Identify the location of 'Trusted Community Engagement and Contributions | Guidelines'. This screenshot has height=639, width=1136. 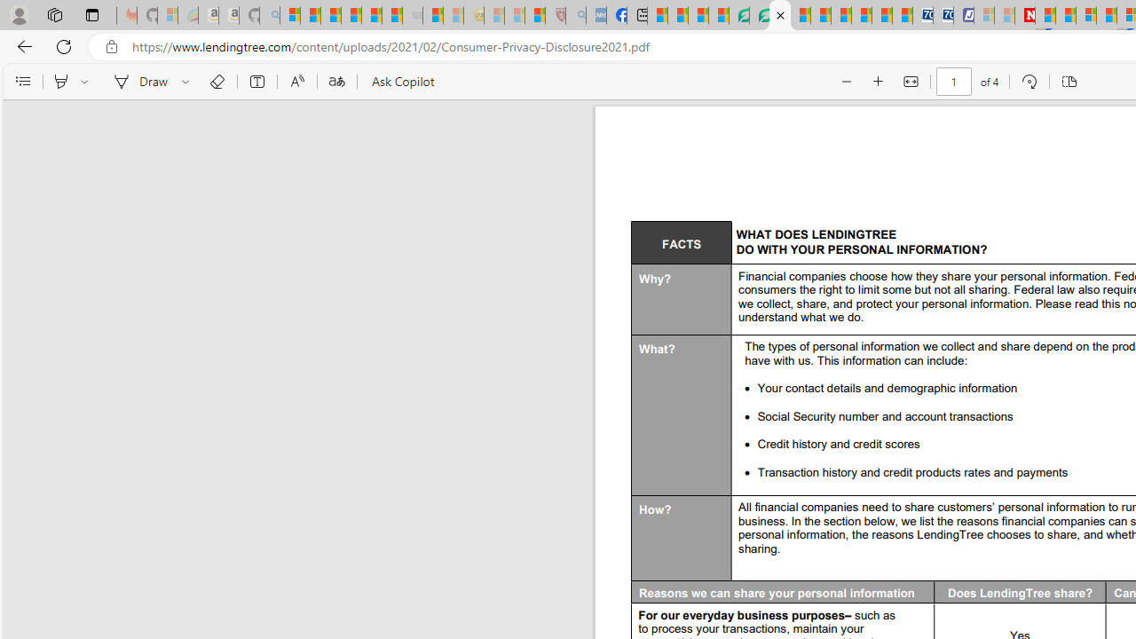
(1045, 15).